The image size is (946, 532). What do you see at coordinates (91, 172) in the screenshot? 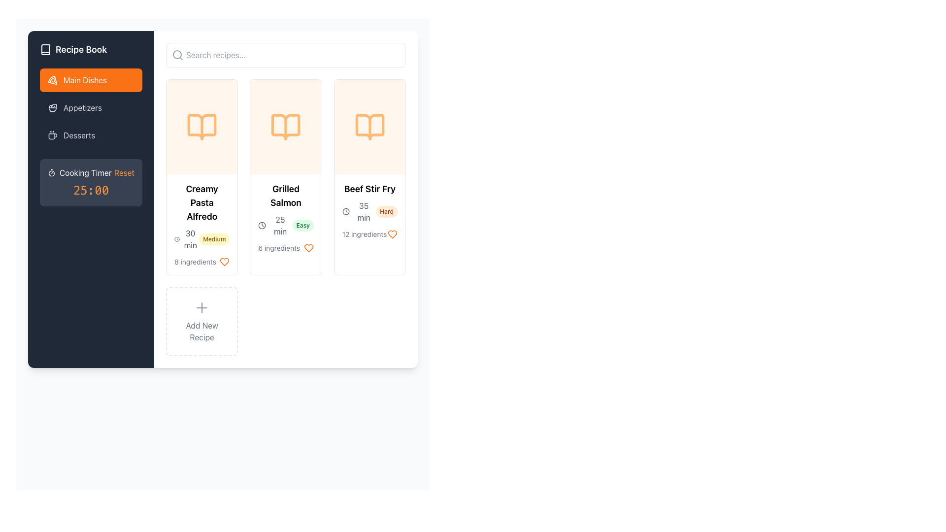
I see `the 'Cooking Timer Reset' informational label which is styled with white and orange text and located within a dark gray rounded rectangle panel, positioned above the timer value '25:00'` at bounding box center [91, 172].